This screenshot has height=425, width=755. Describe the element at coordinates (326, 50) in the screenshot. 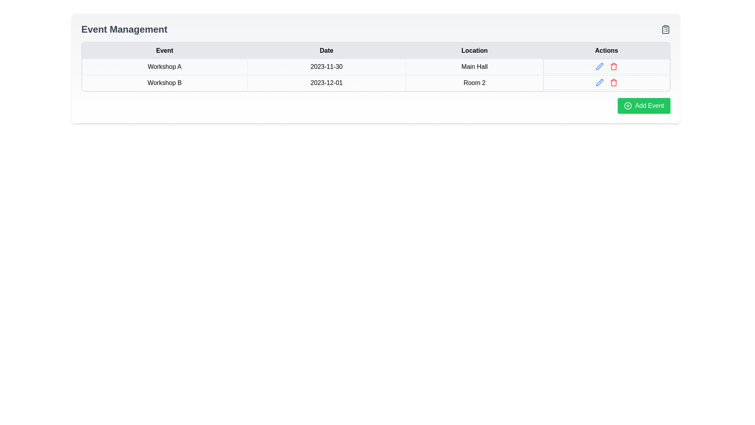

I see `the table header cell with a light gray background containing the bolded text 'Date', which is centrally aligned in the second column of the table header` at that location.